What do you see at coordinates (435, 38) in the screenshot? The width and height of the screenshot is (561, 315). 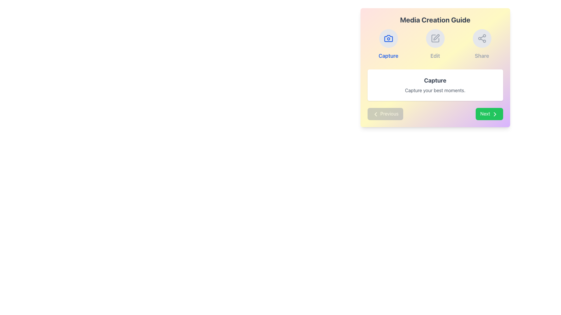 I see `the pencil and square icon button, which is the second in a row of three icons in the 'Edit' section of the 'Media Creation Guide'` at bounding box center [435, 38].